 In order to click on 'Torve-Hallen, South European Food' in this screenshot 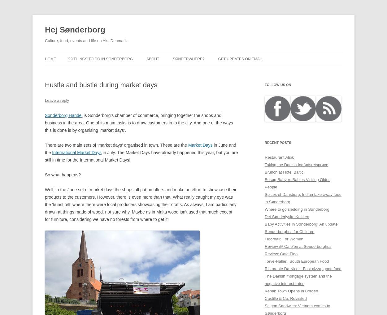, I will do `click(296, 261)`.